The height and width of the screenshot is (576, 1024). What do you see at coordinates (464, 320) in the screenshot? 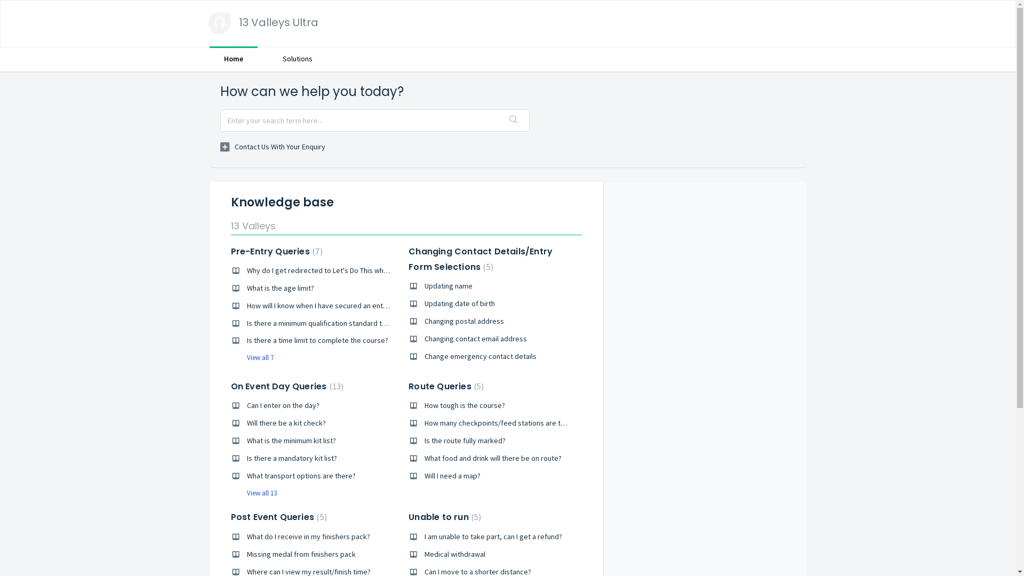
I see `'Changing postal address'` at bounding box center [464, 320].